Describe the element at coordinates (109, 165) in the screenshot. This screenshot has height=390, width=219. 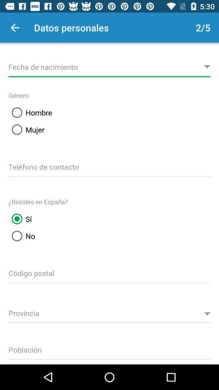
I see `phone number` at that location.